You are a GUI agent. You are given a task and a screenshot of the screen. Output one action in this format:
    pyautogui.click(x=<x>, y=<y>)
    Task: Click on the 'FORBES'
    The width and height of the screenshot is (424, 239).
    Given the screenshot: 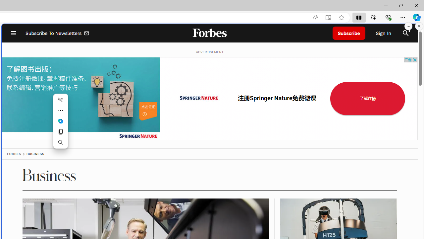 What is the action you would take?
    pyautogui.click(x=14, y=154)
    